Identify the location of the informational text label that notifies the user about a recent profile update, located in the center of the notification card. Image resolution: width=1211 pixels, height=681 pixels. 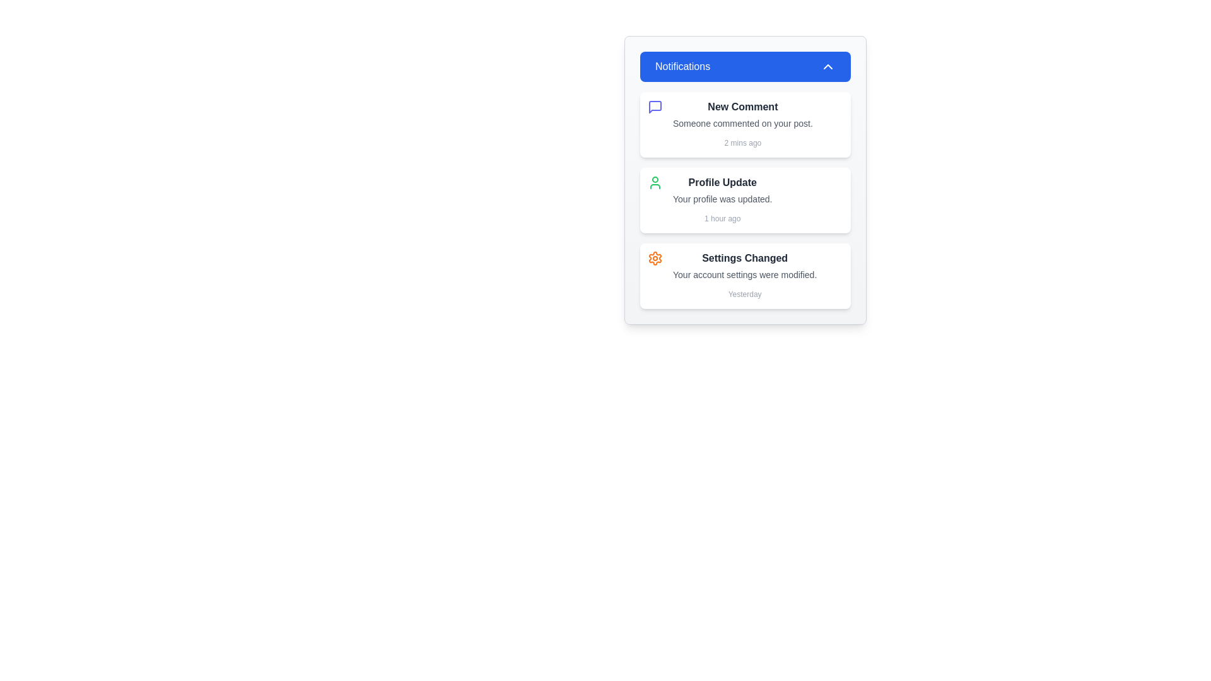
(722, 199).